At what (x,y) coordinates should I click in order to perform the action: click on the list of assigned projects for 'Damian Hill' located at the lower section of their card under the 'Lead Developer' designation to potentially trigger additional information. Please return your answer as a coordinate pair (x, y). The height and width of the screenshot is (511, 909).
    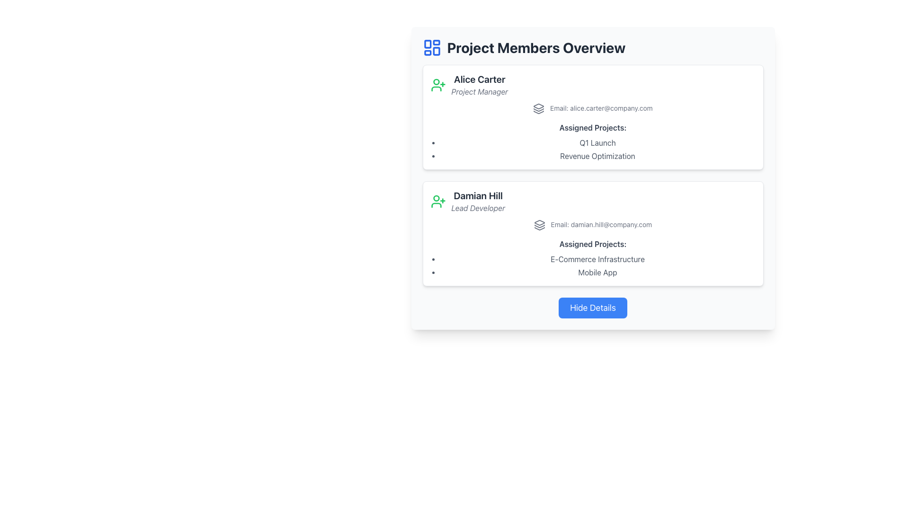
    Looking at the image, I should click on (592, 258).